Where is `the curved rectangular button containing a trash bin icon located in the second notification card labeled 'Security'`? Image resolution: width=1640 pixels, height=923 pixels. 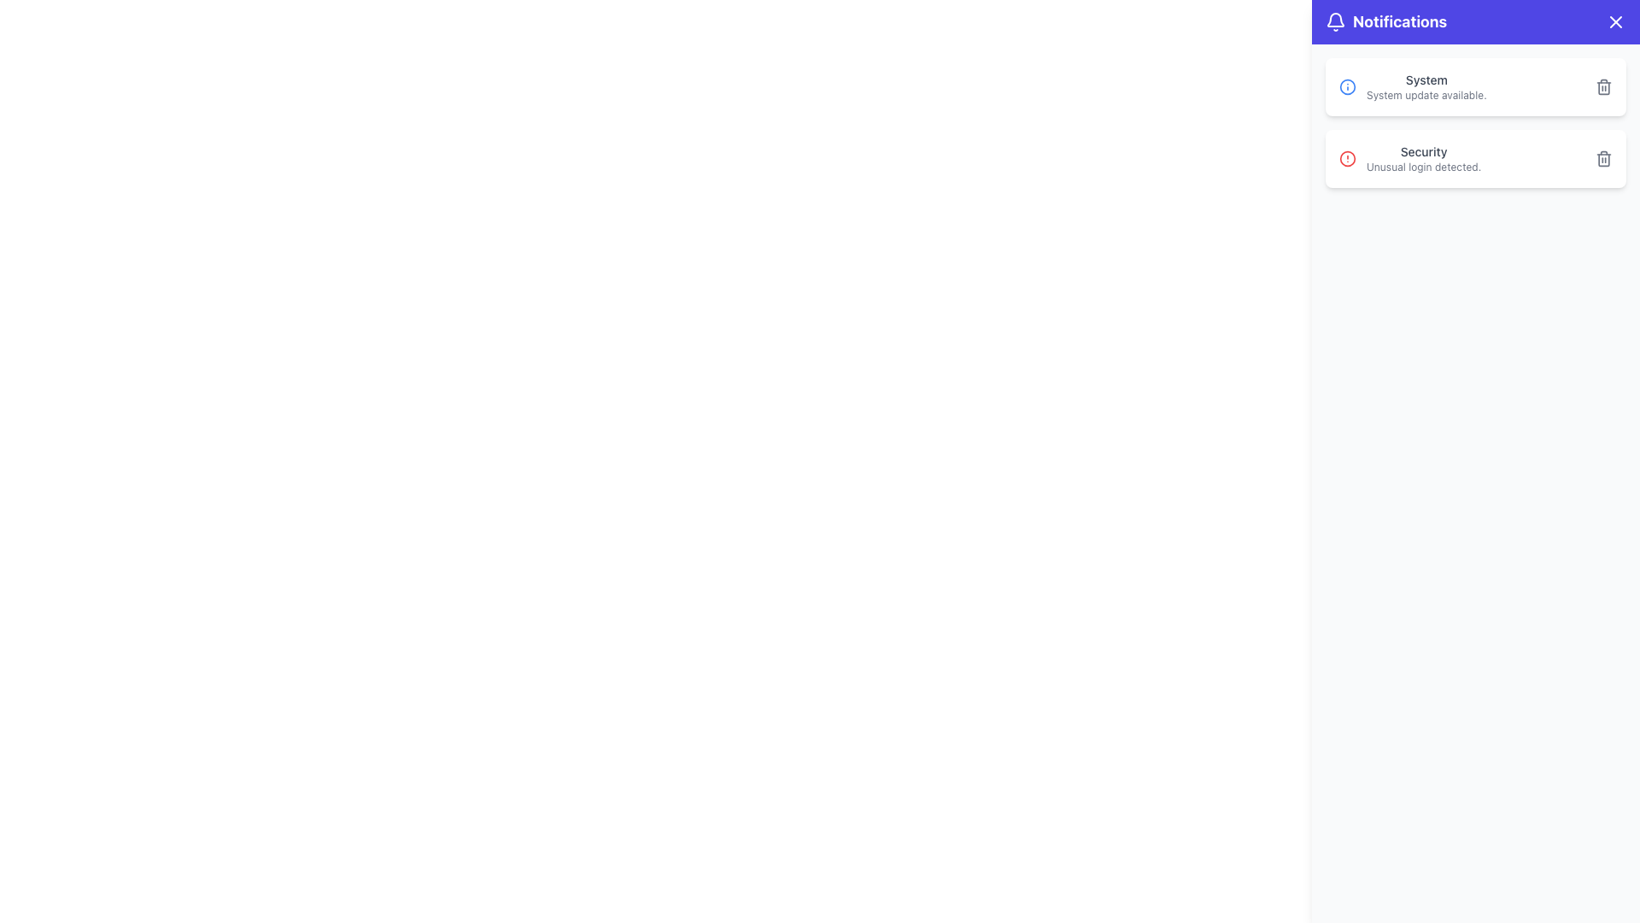 the curved rectangular button containing a trash bin icon located in the second notification card labeled 'Security' is located at coordinates (1602, 159).